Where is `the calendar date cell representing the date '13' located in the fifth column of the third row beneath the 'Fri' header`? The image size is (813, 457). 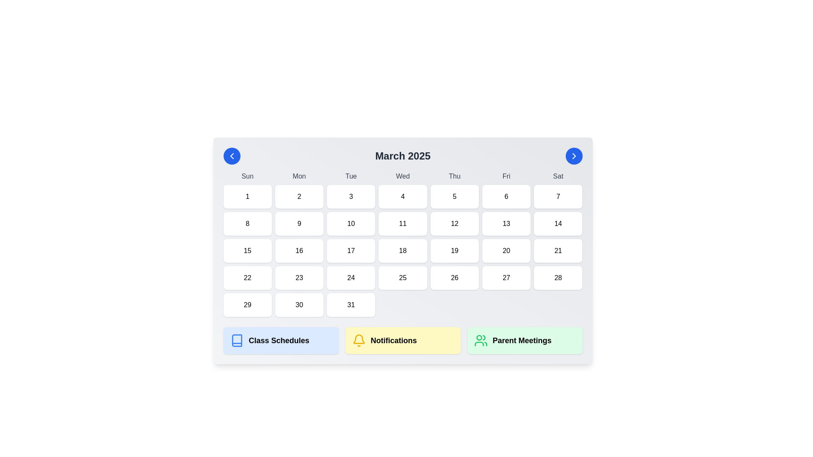 the calendar date cell representing the date '13' located in the fifth column of the third row beneath the 'Fri' header is located at coordinates (506, 223).